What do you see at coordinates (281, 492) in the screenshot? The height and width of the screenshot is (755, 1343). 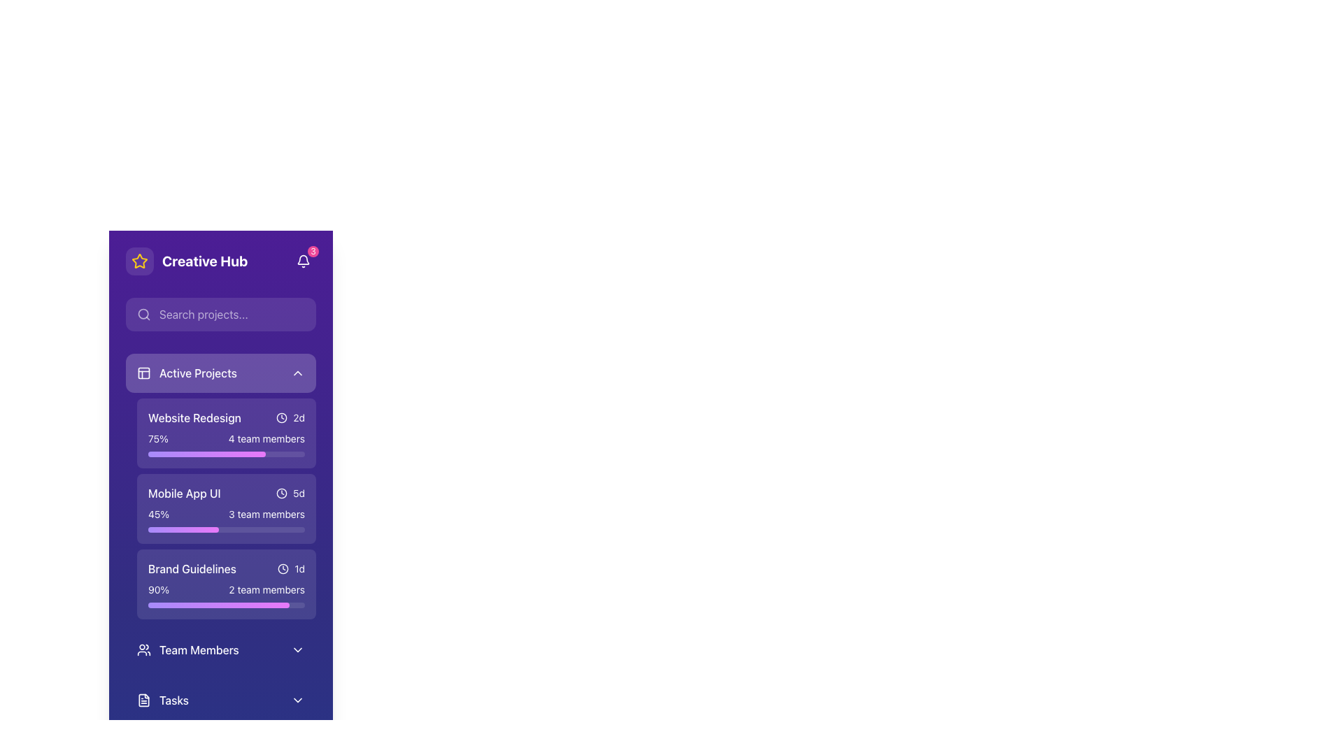 I see `the clock icon representing the timing information for the 'Mobile App UI' project in the 'Active Projects' list` at bounding box center [281, 492].